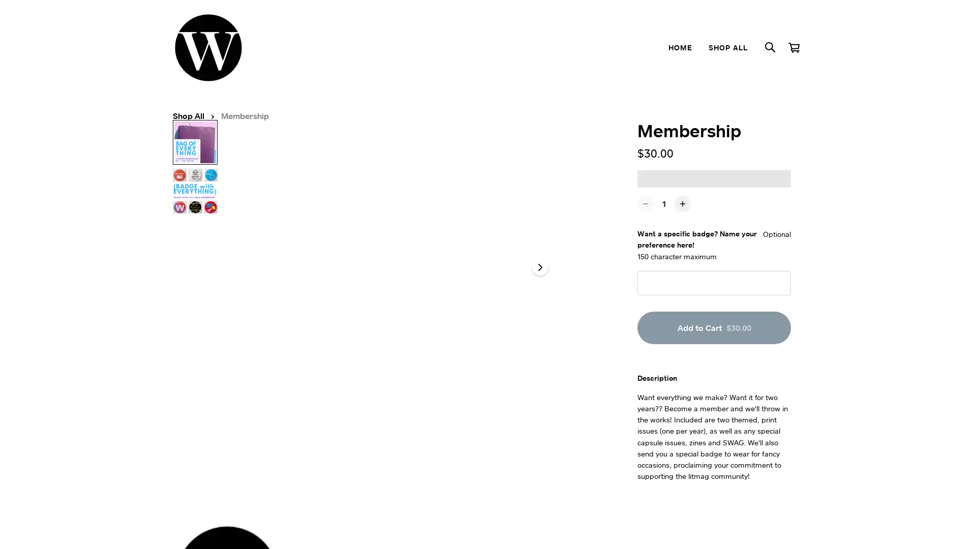 This screenshot has height=549, width=976. What do you see at coordinates (793, 47) in the screenshot?
I see `Cart icon` at bounding box center [793, 47].